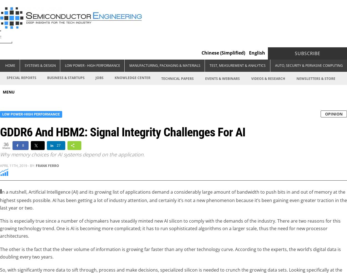  I want to click on 'Auto, Security & Pervasive Computing', so click(275, 65).